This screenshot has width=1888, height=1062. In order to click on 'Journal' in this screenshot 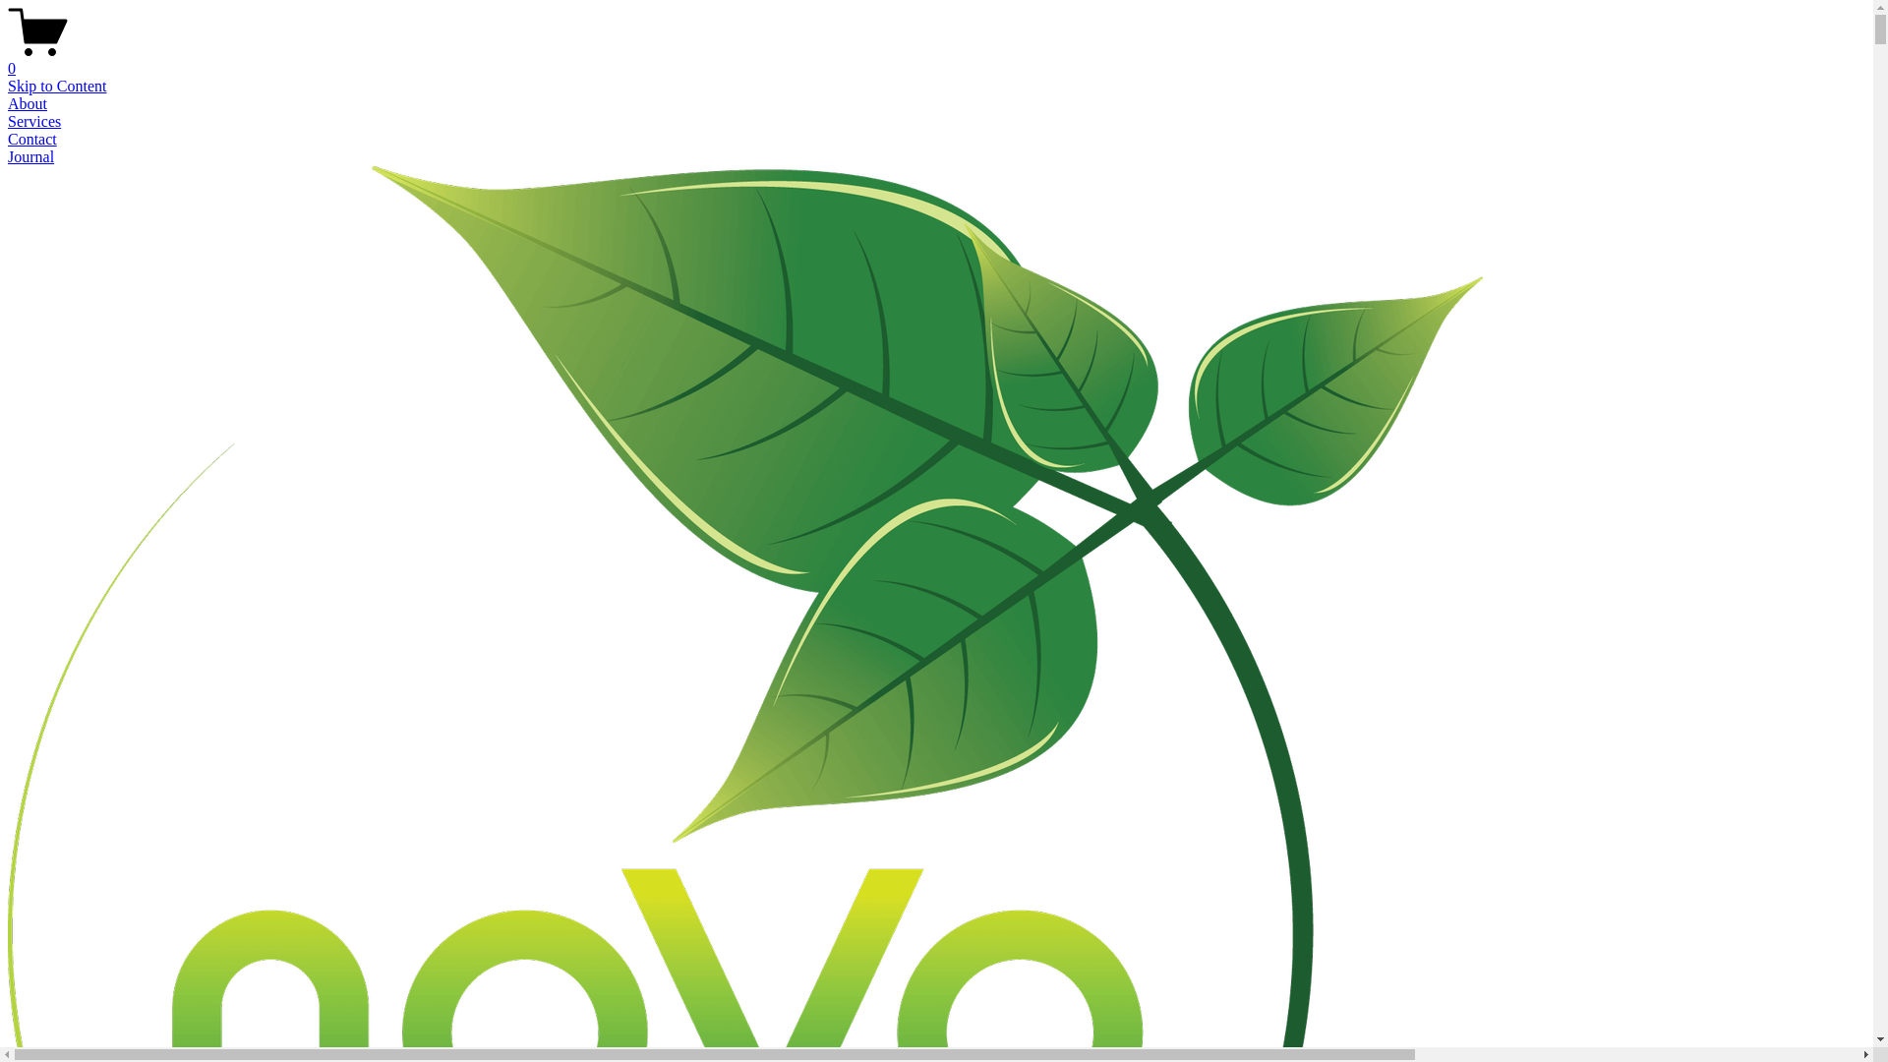, I will do `click(30, 155)`.